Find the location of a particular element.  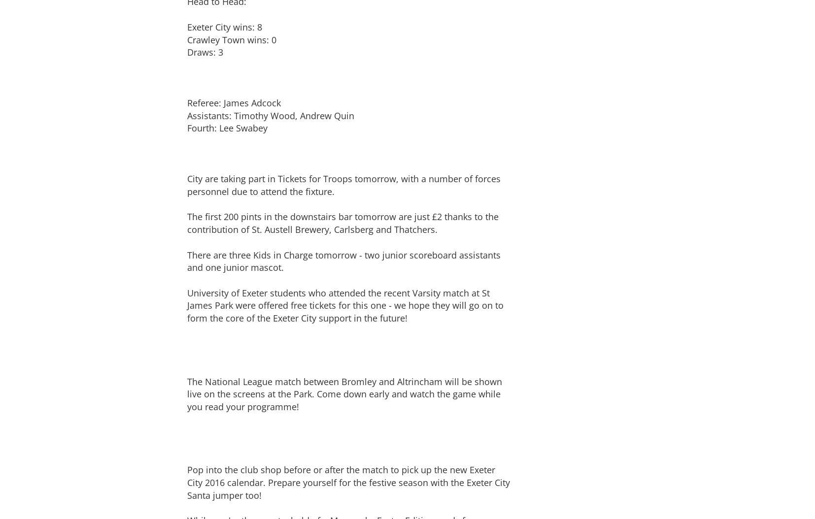

'Pop into the club shop before or after the match to pick up the new Exeter City 2016 calendar. Prepare yourself for the festive season with the Exeter City Santa jumper too!' is located at coordinates (348, 482).